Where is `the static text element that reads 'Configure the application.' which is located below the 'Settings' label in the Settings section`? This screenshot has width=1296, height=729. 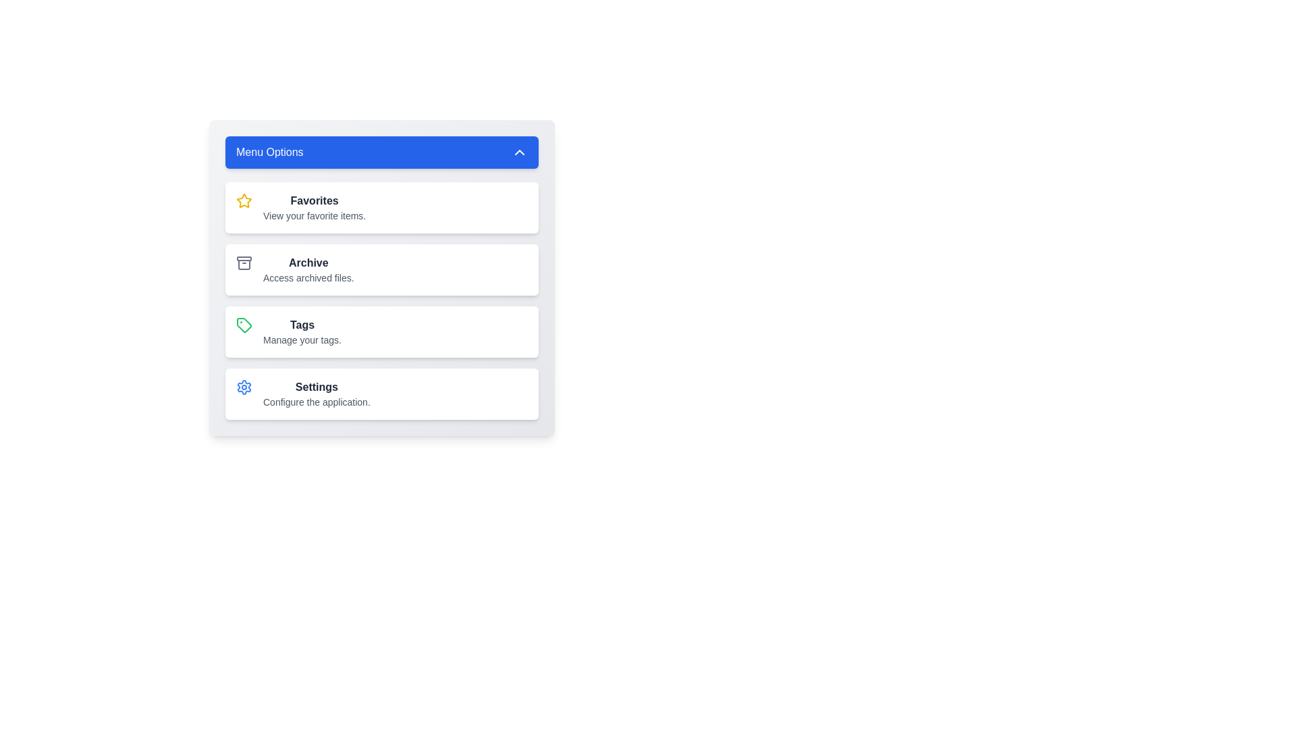
the static text element that reads 'Configure the application.' which is located below the 'Settings' label in the Settings section is located at coordinates (316, 402).